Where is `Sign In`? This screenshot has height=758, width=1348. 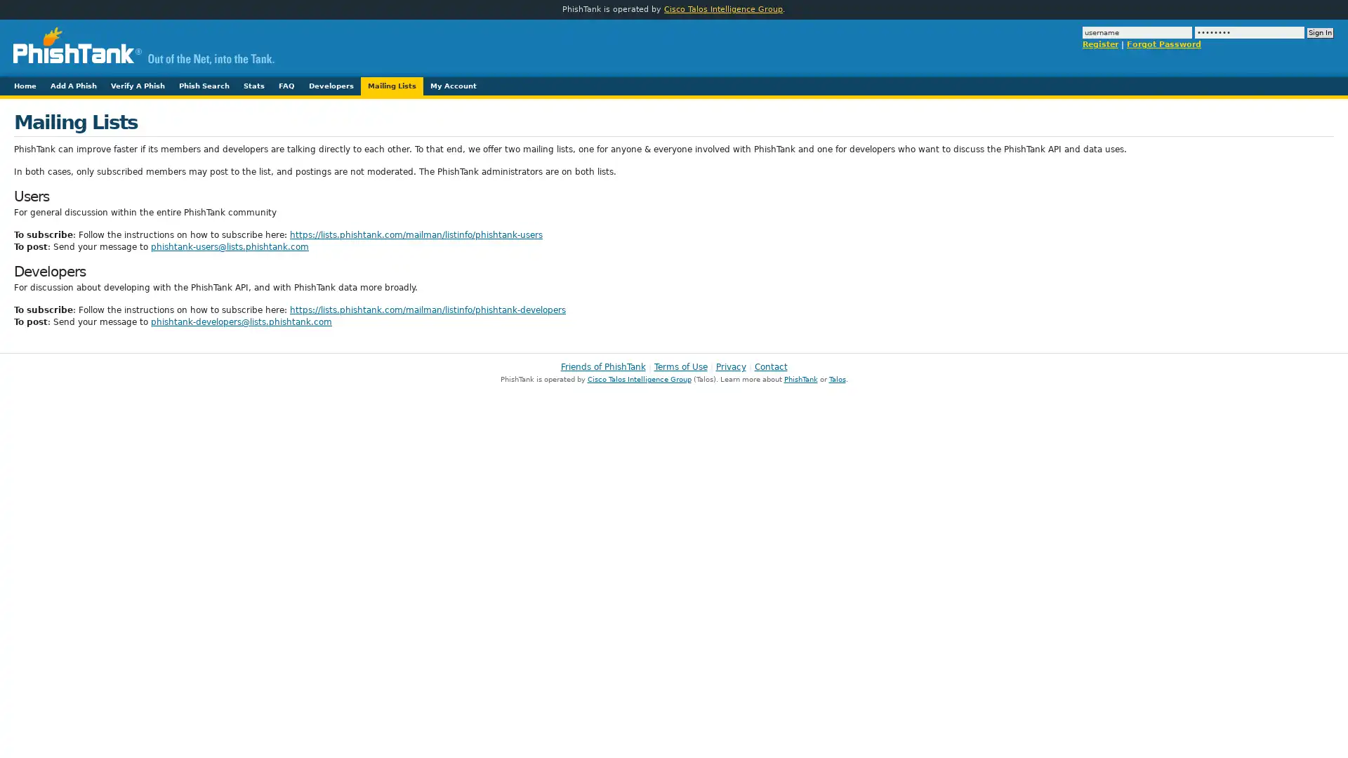
Sign In is located at coordinates (1320, 32).